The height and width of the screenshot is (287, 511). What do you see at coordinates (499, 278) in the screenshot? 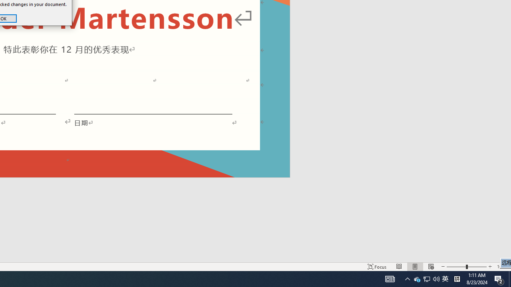
I see `'Action Center, 2 new notifications'` at bounding box center [499, 278].